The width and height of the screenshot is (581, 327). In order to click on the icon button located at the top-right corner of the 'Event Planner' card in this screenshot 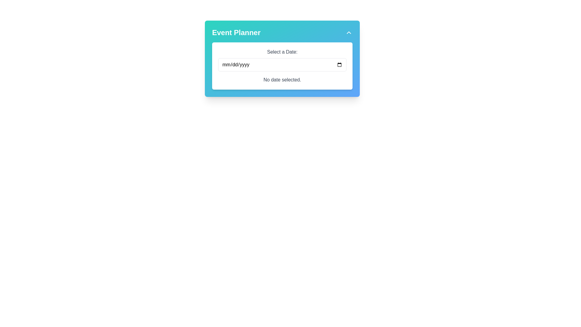, I will do `click(349, 33)`.